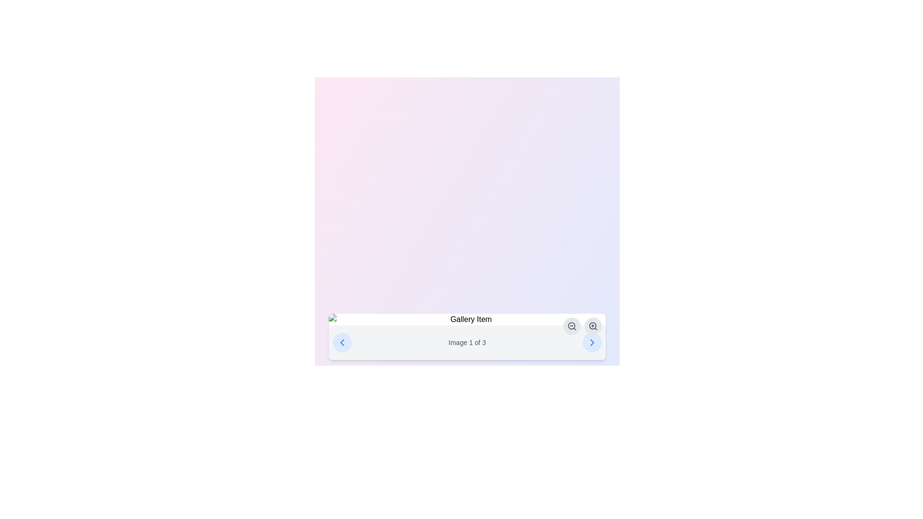 This screenshot has height=519, width=923. Describe the element at coordinates (592, 342) in the screenshot. I see `the SVG icon inside the circular button at the bottom right side of the interface` at that location.